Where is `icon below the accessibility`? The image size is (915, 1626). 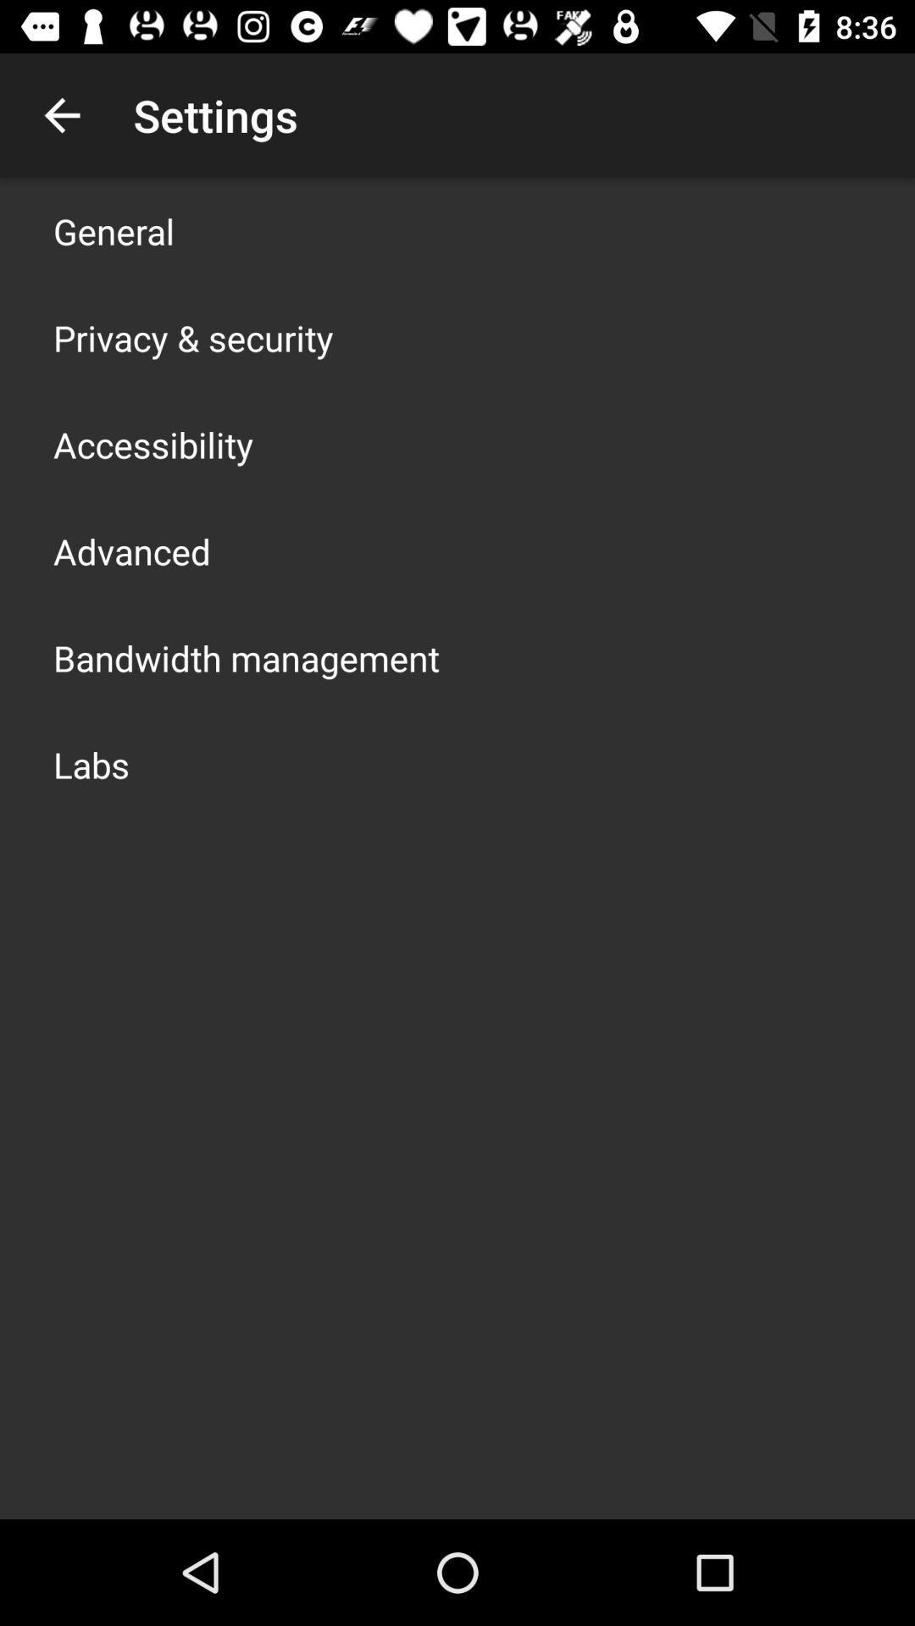
icon below the accessibility is located at coordinates (130, 551).